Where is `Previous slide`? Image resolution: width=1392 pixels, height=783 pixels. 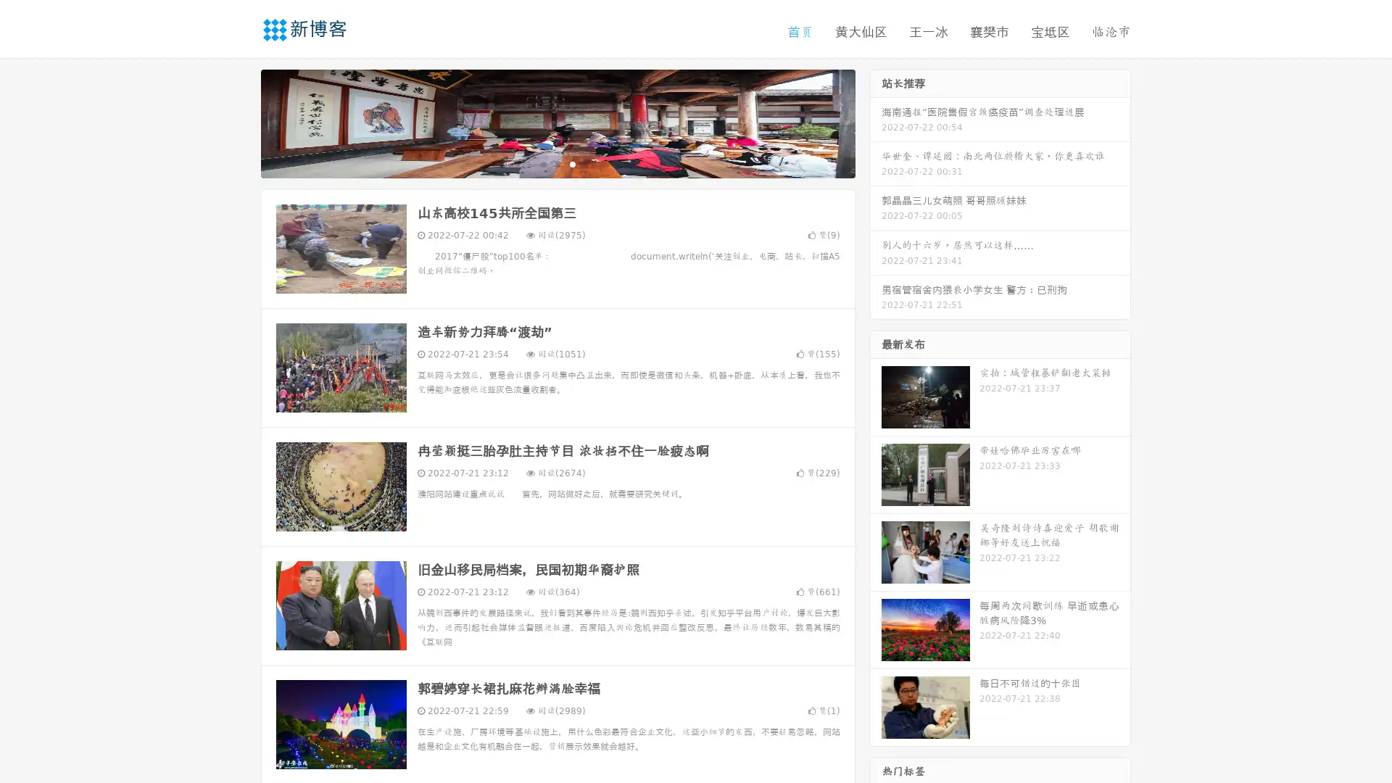
Previous slide is located at coordinates (239, 122).